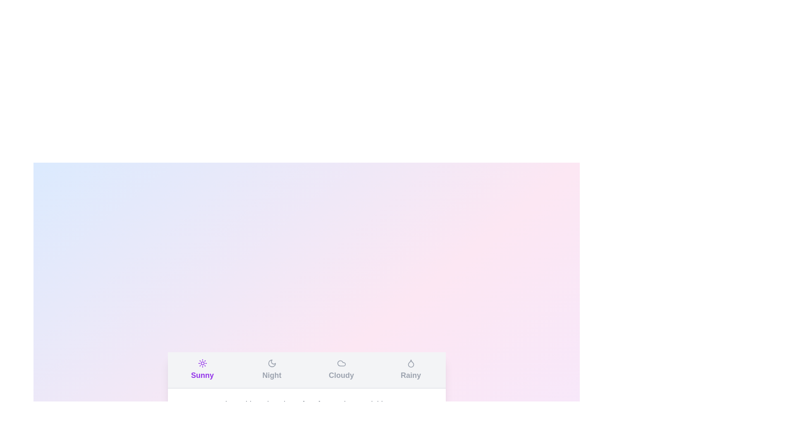 This screenshot has width=794, height=447. What do you see at coordinates (272, 370) in the screenshot?
I see `the tab labeled Night to switch to the respective weather condition` at bounding box center [272, 370].